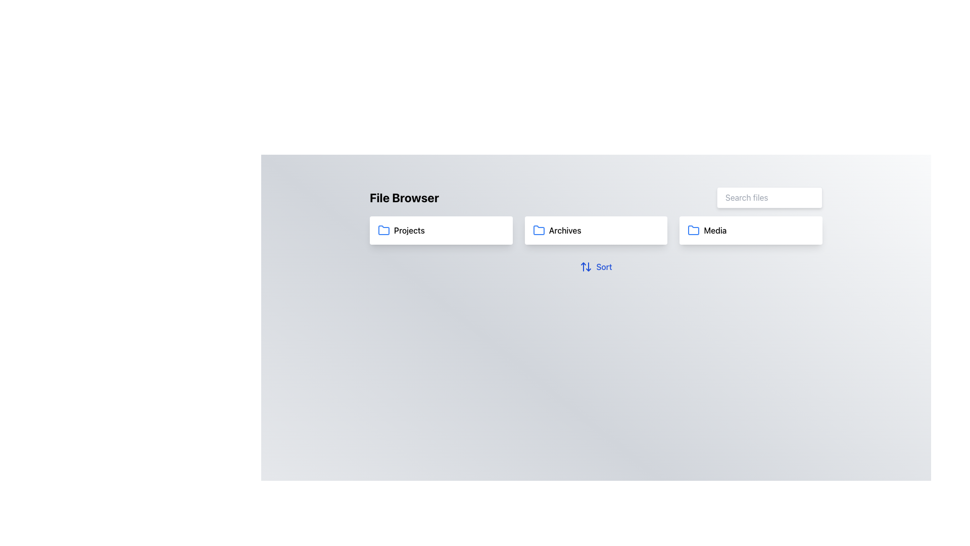  Describe the element at coordinates (538, 230) in the screenshot. I see `the folder icon representing the 'Archives' in the file browsing interface, which is the second icon from the left` at that location.